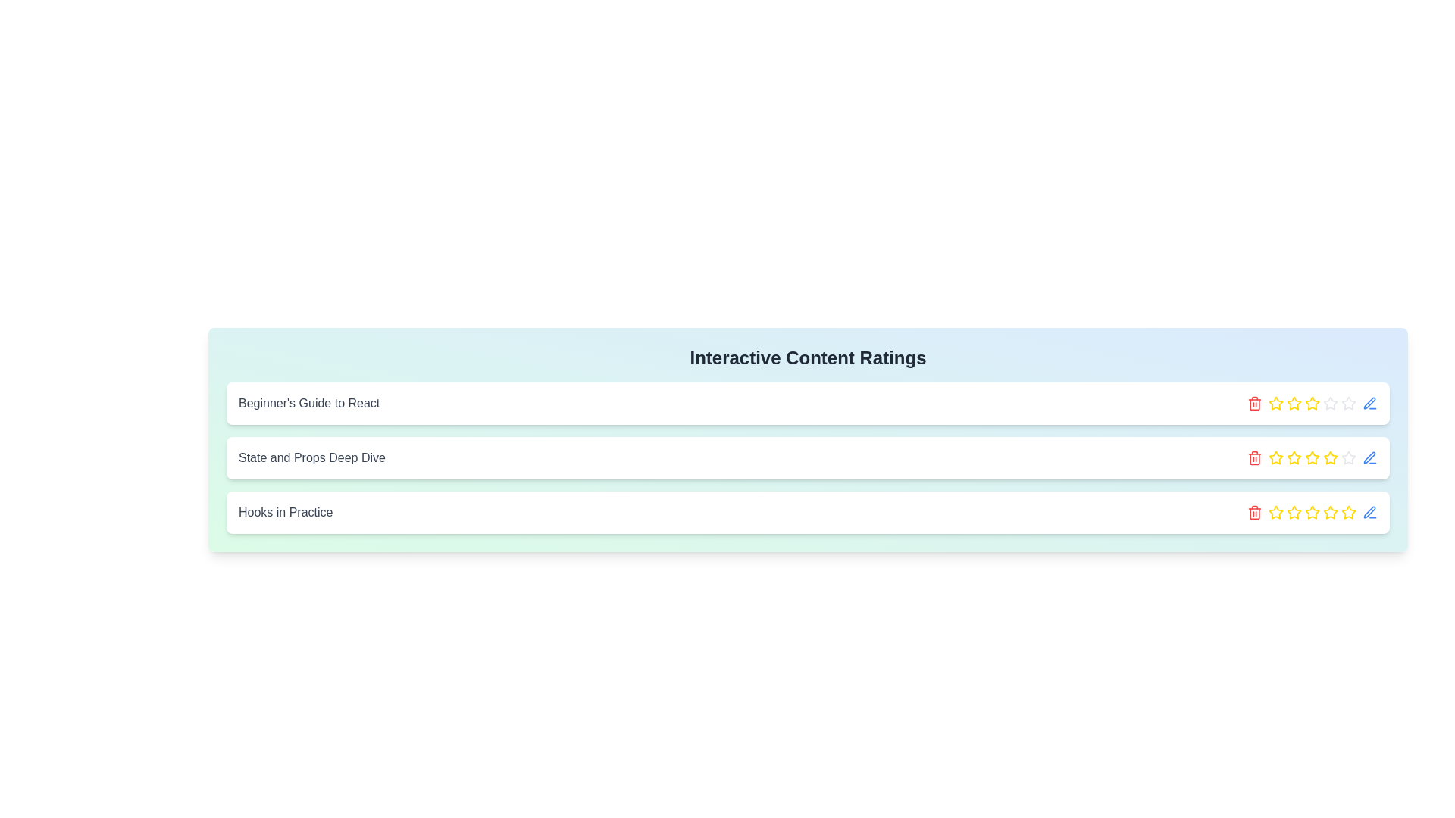 This screenshot has height=818, width=1455. Describe the element at coordinates (1294, 512) in the screenshot. I see `the golden star icon with a hollow center, which is the third star in the rating row for 'Hooks in Practice'` at that location.